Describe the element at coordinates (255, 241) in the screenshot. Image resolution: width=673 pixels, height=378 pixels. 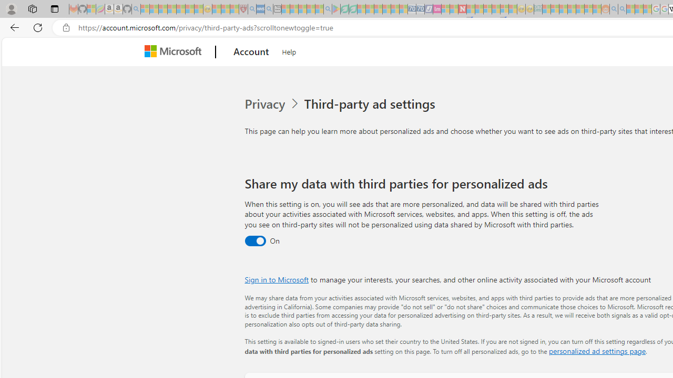
I see `'Third party data sharing toggle'` at that location.